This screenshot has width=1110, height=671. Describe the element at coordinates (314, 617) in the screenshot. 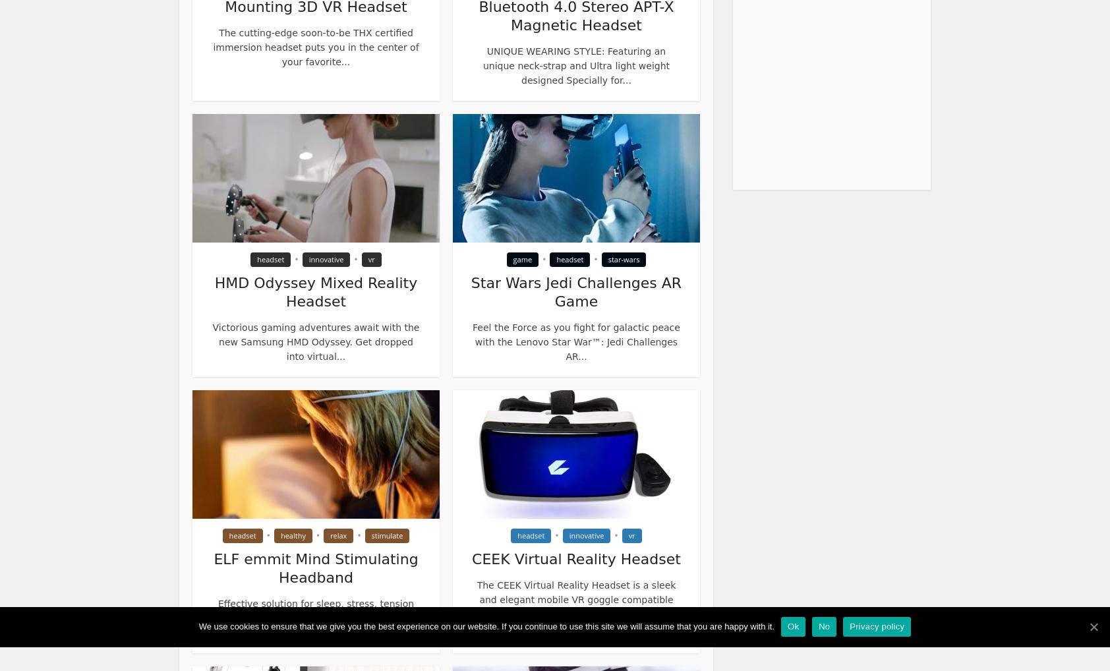

I see `'Effective solution for sleep, stress, tension and anxiety issues beyond chemicals. Experience...'` at that location.